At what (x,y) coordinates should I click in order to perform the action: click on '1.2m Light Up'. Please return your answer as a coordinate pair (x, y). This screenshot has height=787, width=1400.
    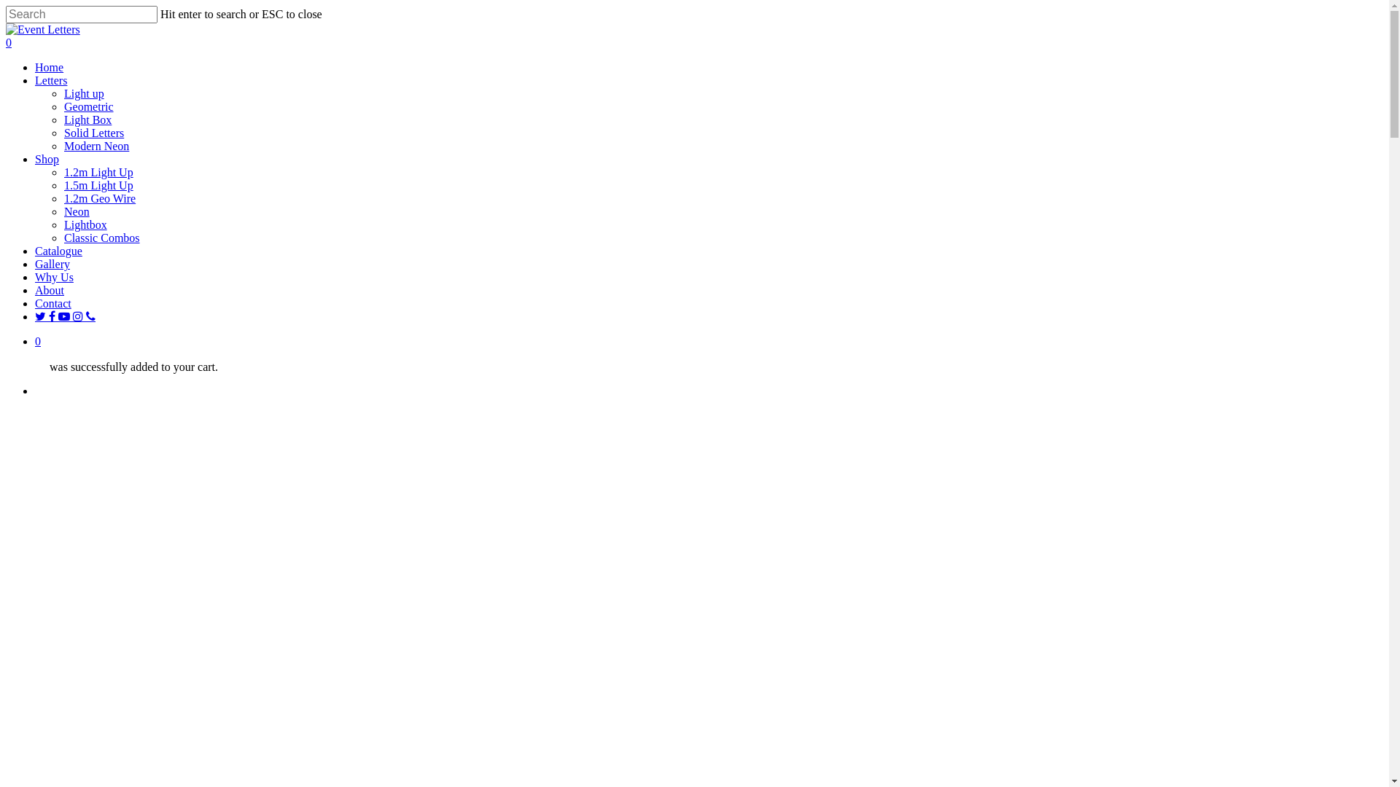
    Looking at the image, I should click on (98, 171).